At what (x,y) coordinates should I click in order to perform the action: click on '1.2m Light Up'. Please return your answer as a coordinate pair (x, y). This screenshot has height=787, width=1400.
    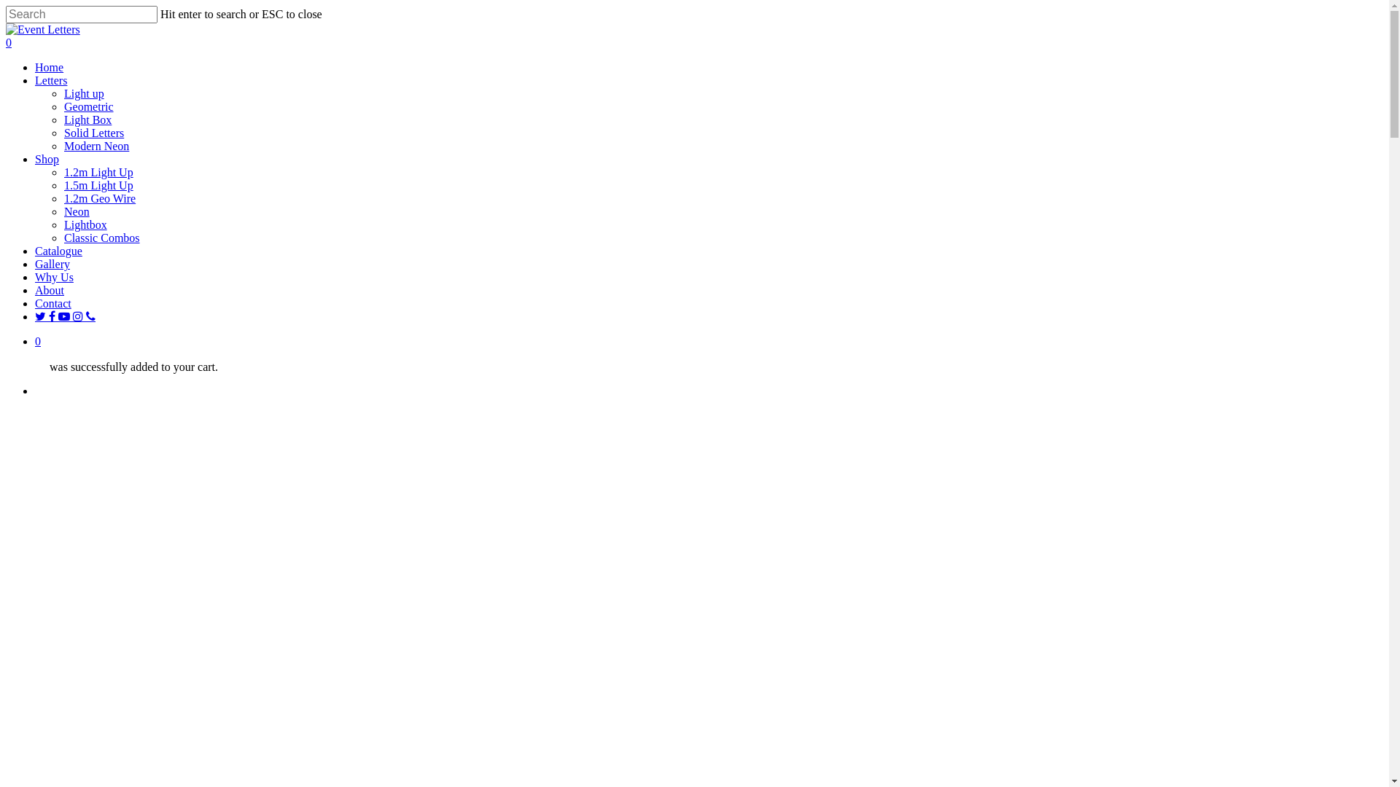
    Looking at the image, I should click on (98, 171).